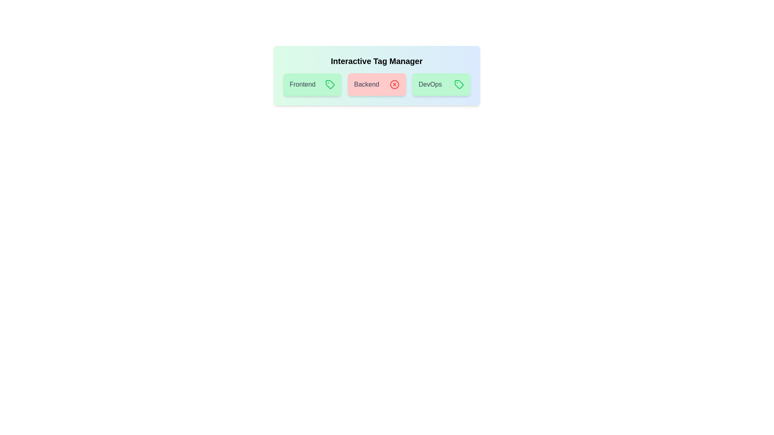 This screenshot has width=774, height=435. I want to click on the 'Backend' tag to toggle its activation state, so click(376, 84).